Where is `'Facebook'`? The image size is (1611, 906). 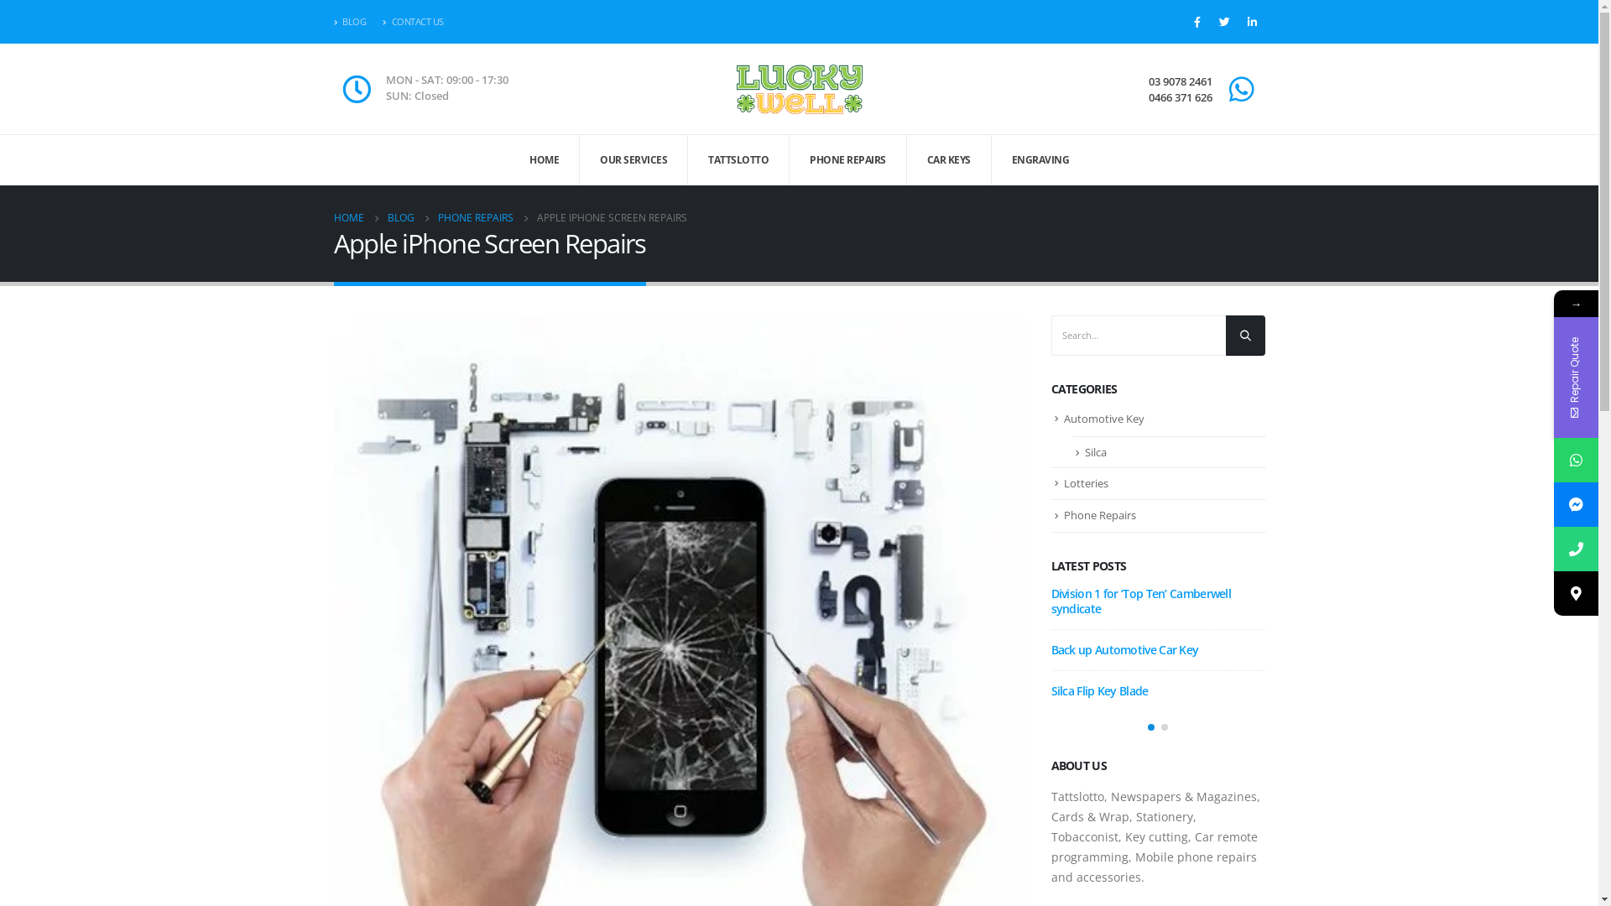 'Facebook' is located at coordinates (1195, 22).